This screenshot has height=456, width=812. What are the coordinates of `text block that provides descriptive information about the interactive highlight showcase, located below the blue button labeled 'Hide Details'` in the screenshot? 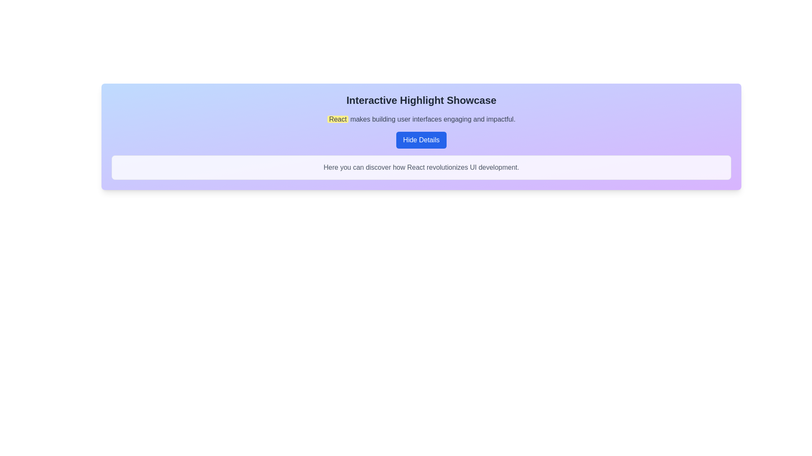 It's located at (421, 168).